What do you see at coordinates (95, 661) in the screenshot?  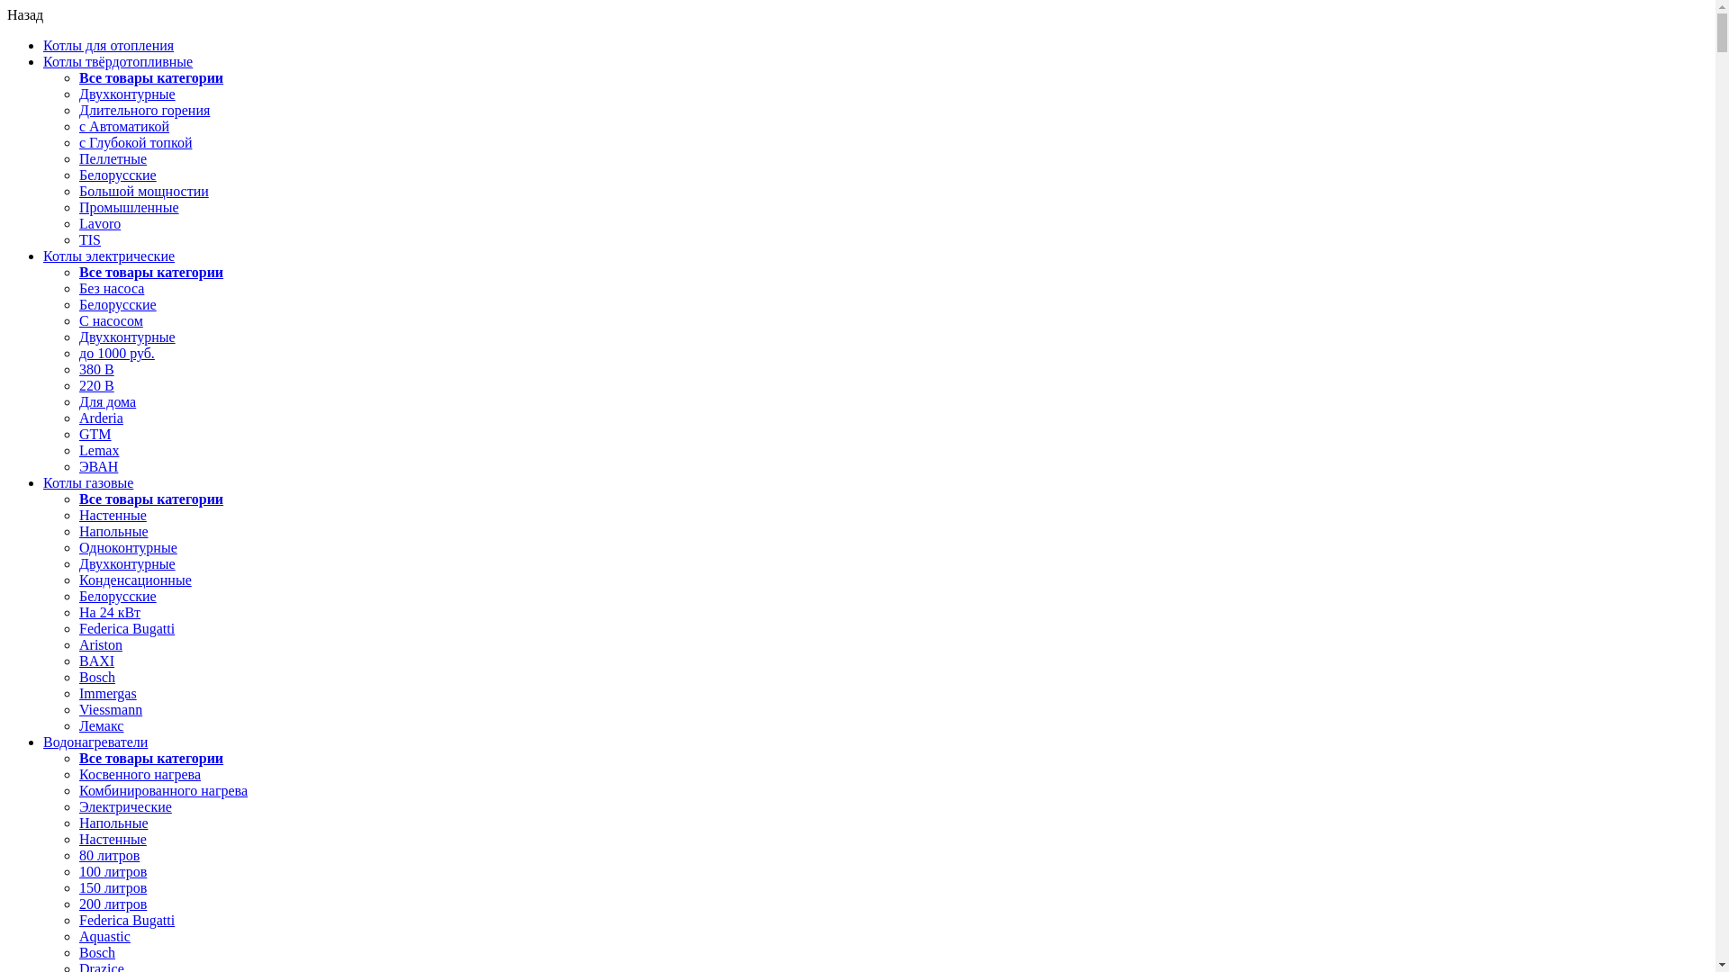 I see `'BAXI'` at bounding box center [95, 661].